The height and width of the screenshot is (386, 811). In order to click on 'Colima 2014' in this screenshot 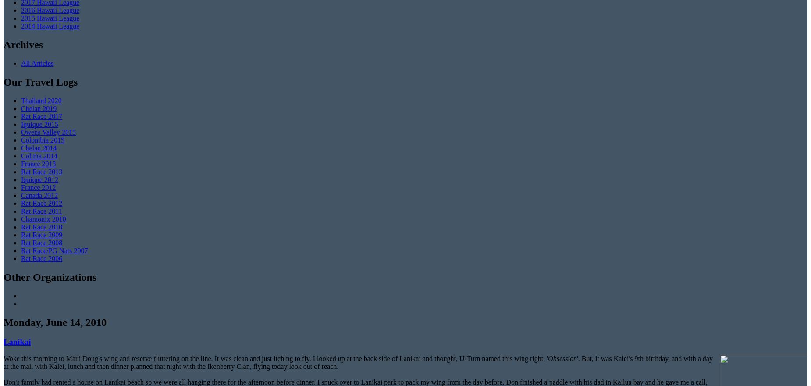, I will do `click(39, 156)`.